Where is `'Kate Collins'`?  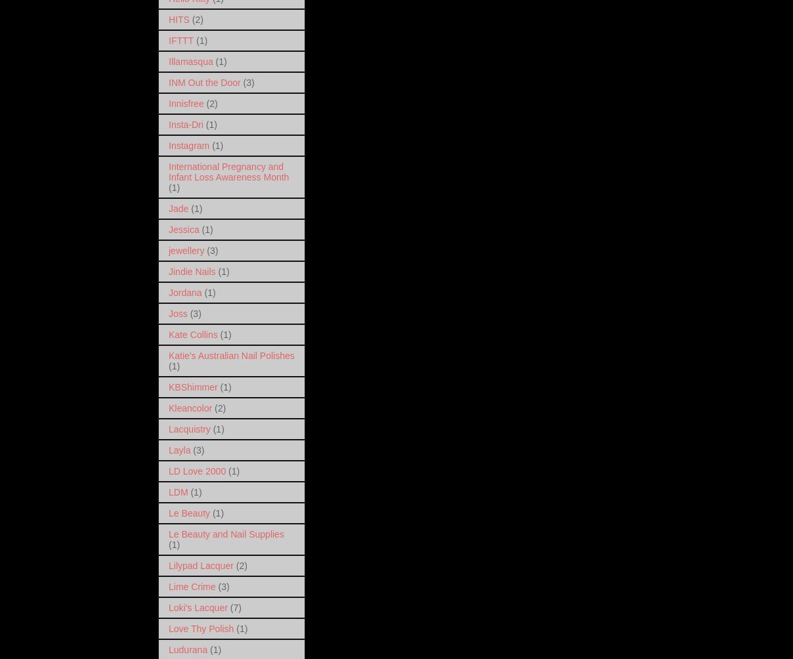 'Kate Collins' is located at coordinates (193, 334).